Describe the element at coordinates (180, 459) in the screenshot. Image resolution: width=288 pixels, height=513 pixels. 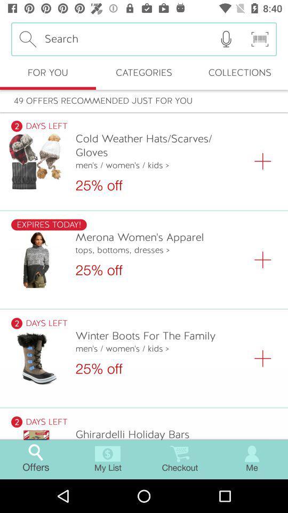
I see `the button which is next to my list` at that location.